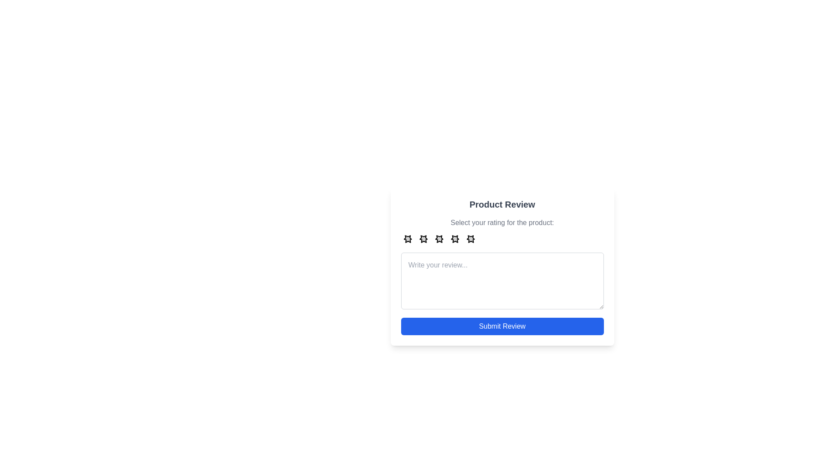 This screenshot has height=472, width=839. I want to click on the star corresponding to the rating 3 to select it, so click(439, 239).